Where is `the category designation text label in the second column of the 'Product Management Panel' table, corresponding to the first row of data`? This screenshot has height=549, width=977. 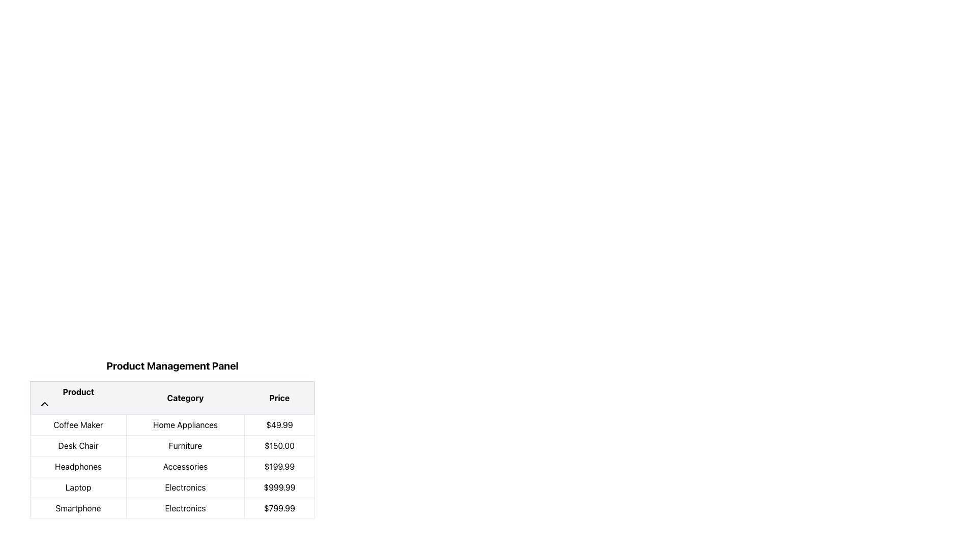
the category designation text label in the second column of the 'Product Management Panel' table, corresponding to the first row of data is located at coordinates (185, 425).